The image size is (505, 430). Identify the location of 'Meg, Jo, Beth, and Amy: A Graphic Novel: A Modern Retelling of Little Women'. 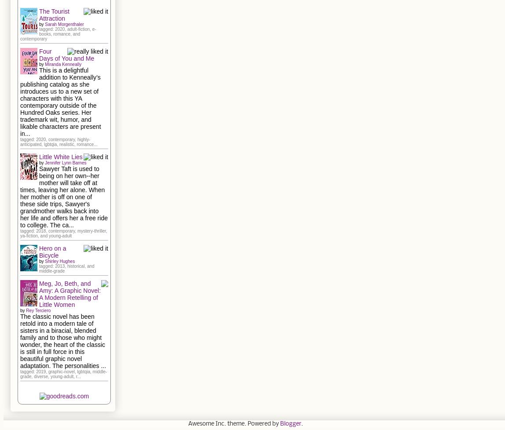
(70, 293).